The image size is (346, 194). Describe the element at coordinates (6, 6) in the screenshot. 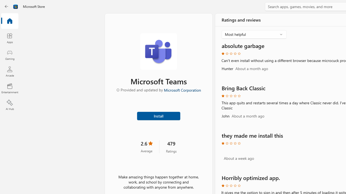

I see `'Back'` at that location.